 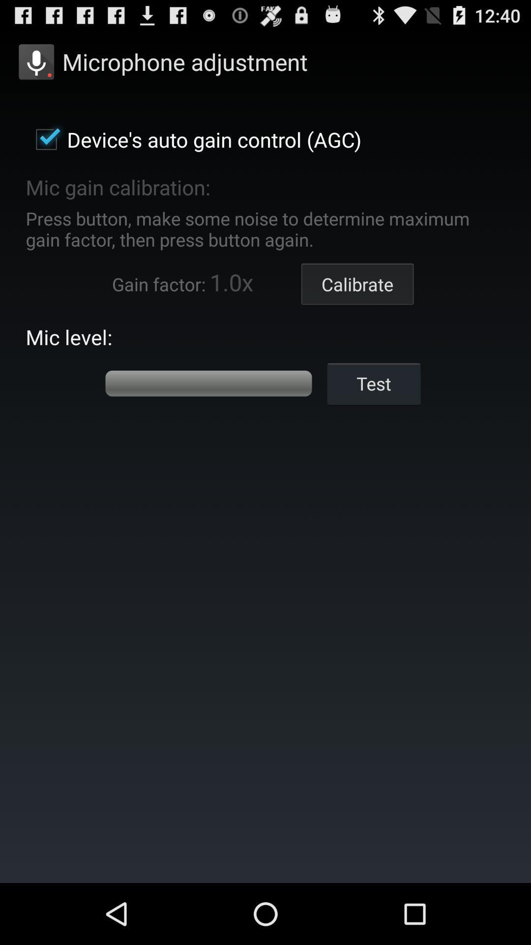 I want to click on the icon on the top left corner of the web page, so click(x=36, y=61).